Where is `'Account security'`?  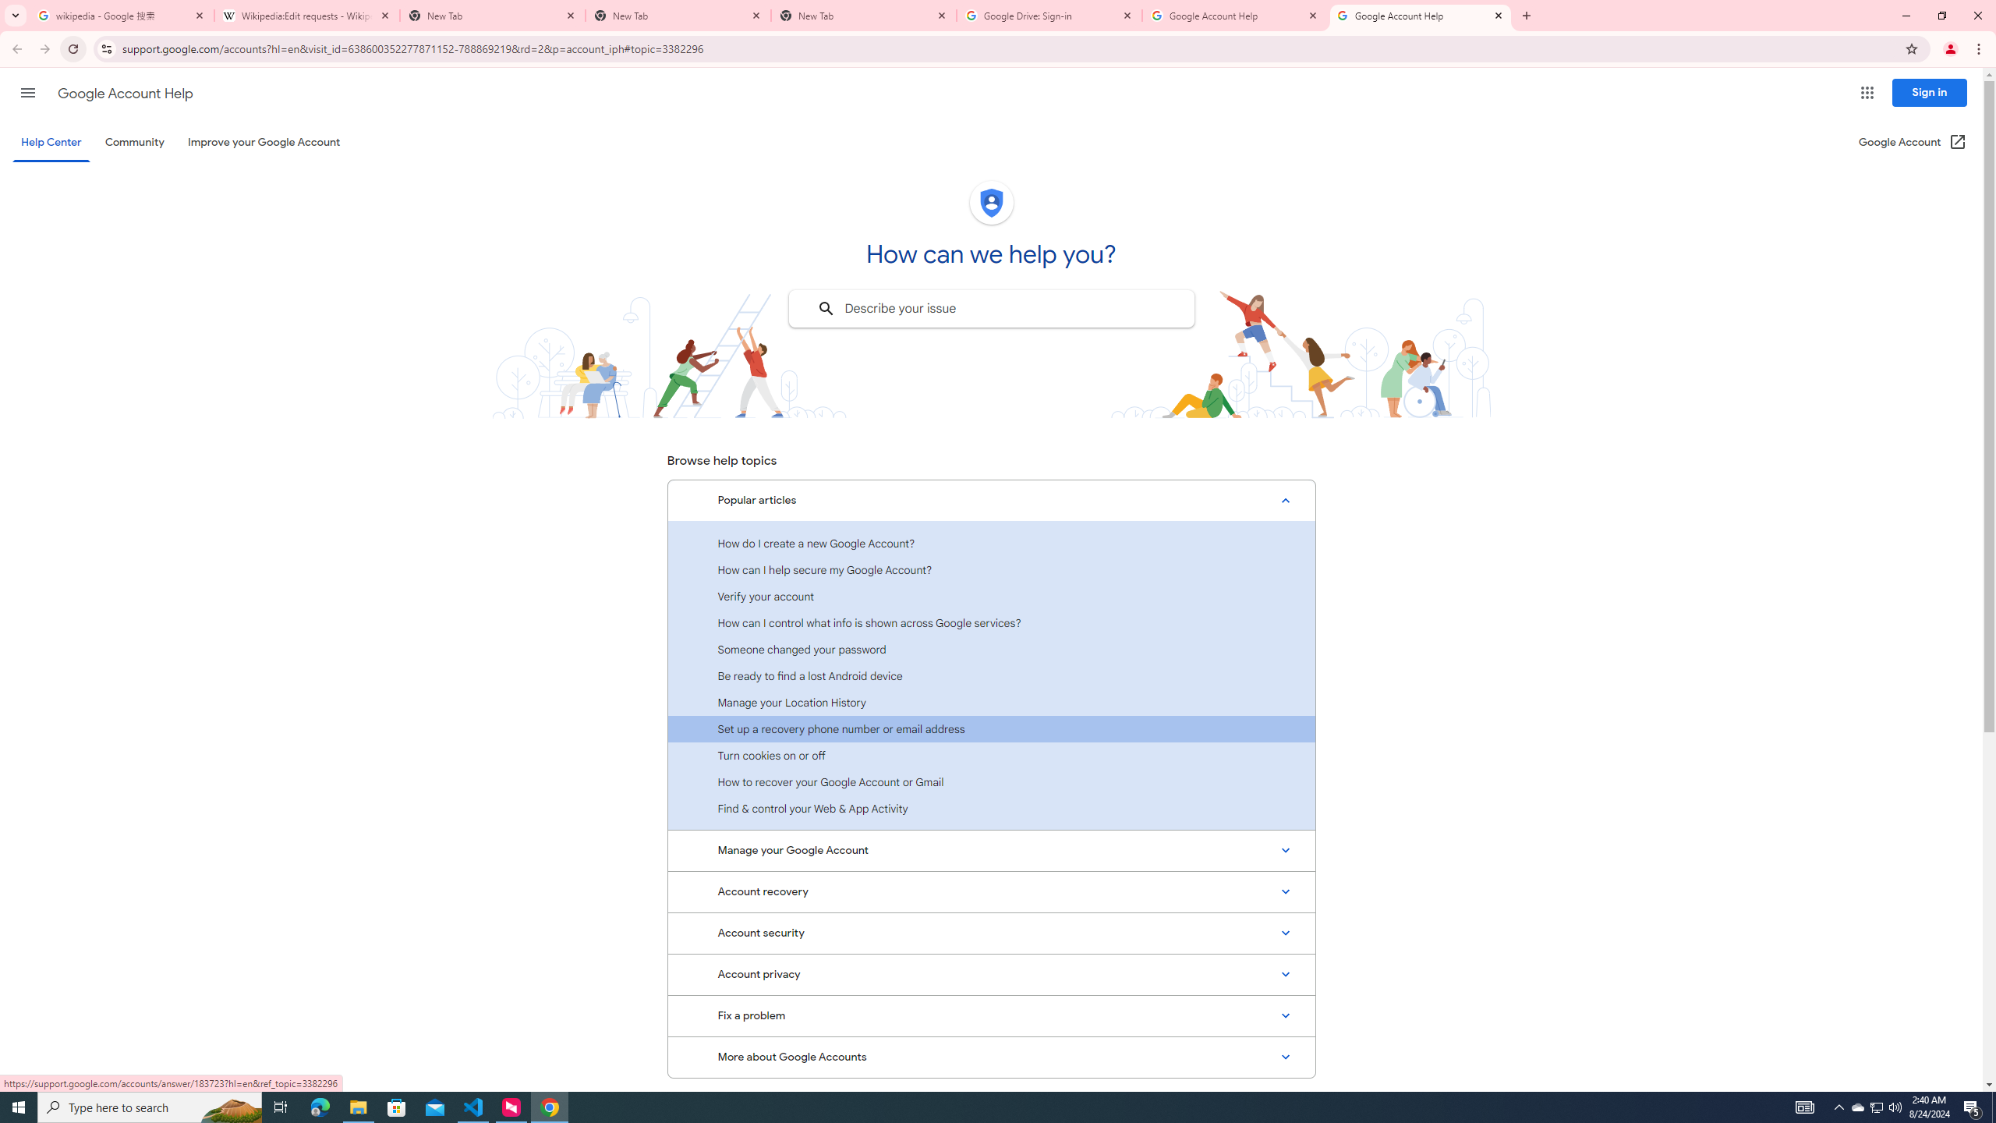
'Account security' is located at coordinates (991, 932).